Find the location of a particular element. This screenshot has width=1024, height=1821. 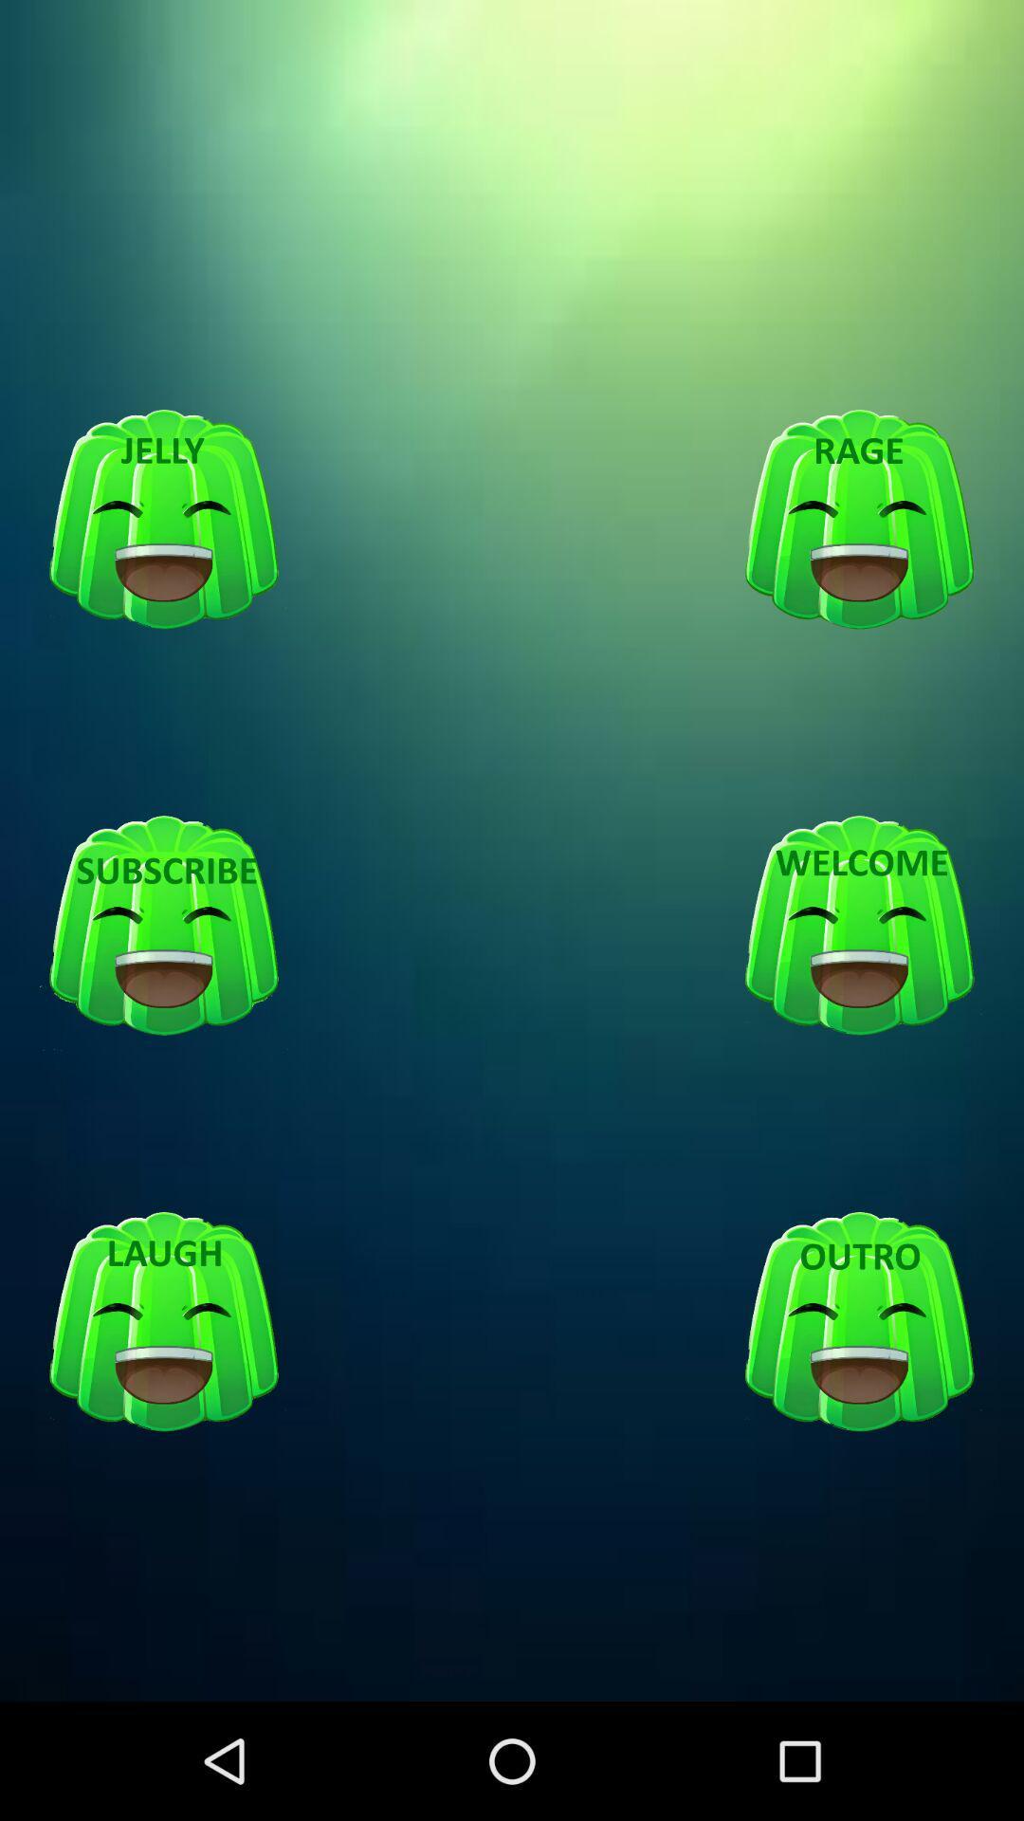

subcribe is located at coordinates (163, 927).